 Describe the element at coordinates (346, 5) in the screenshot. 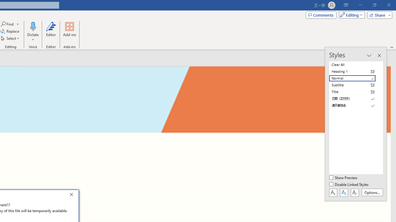

I see `'Ribbon Display Options'` at that location.